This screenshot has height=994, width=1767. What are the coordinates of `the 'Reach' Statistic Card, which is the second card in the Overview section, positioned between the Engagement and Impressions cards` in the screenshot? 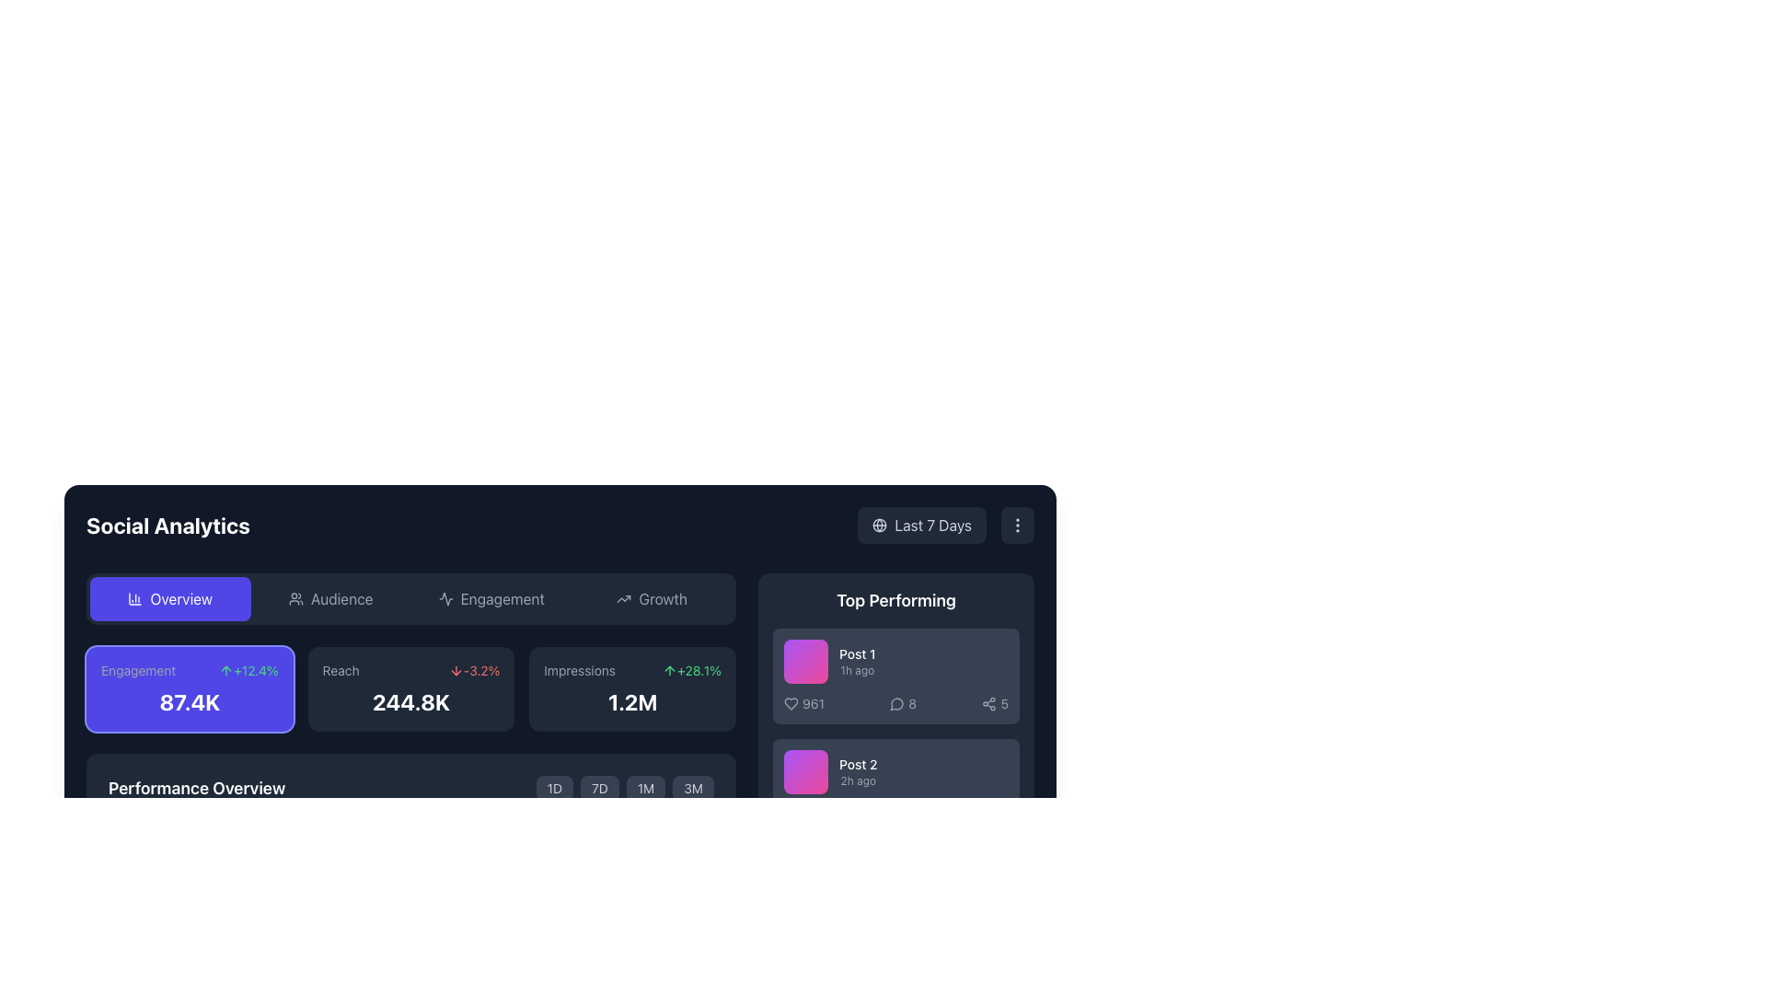 It's located at (410, 688).